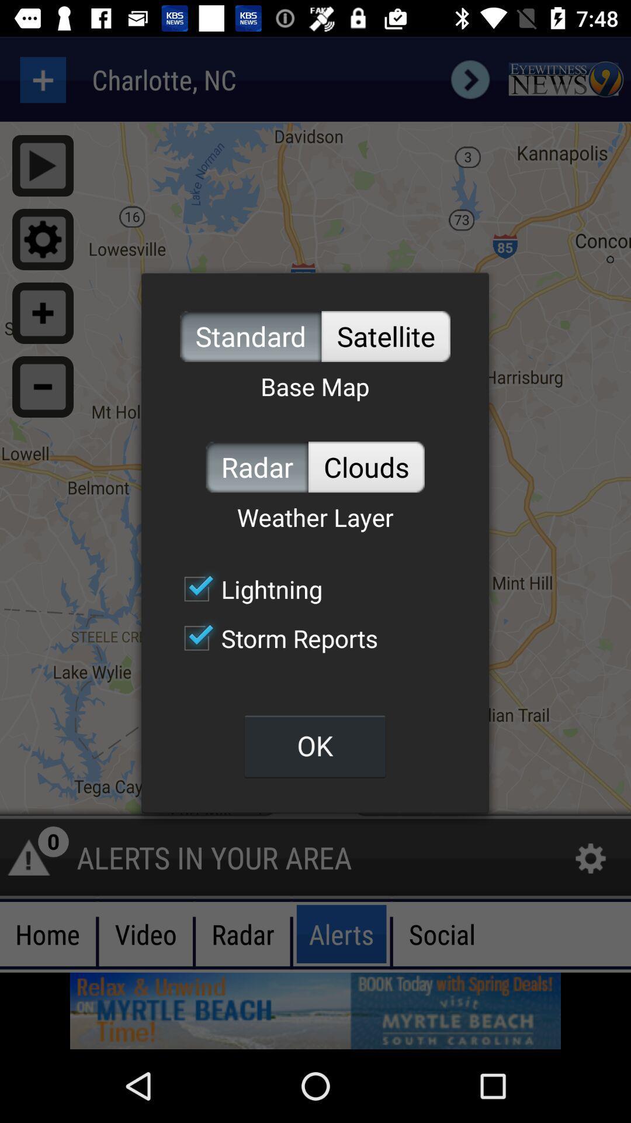 Image resolution: width=631 pixels, height=1123 pixels. What do you see at coordinates (275, 638) in the screenshot?
I see `icon below lightning item` at bounding box center [275, 638].